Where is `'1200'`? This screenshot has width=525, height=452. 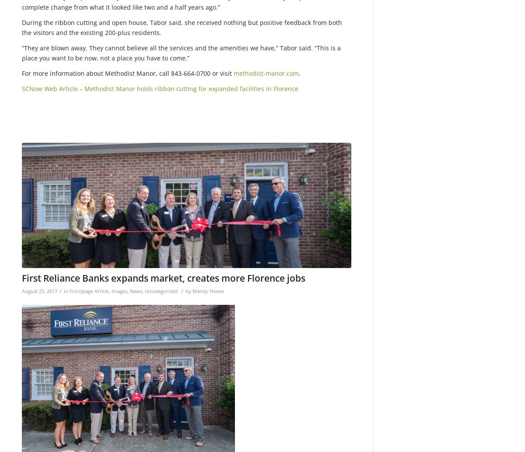 '1200' is located at coordinates (262, 148).